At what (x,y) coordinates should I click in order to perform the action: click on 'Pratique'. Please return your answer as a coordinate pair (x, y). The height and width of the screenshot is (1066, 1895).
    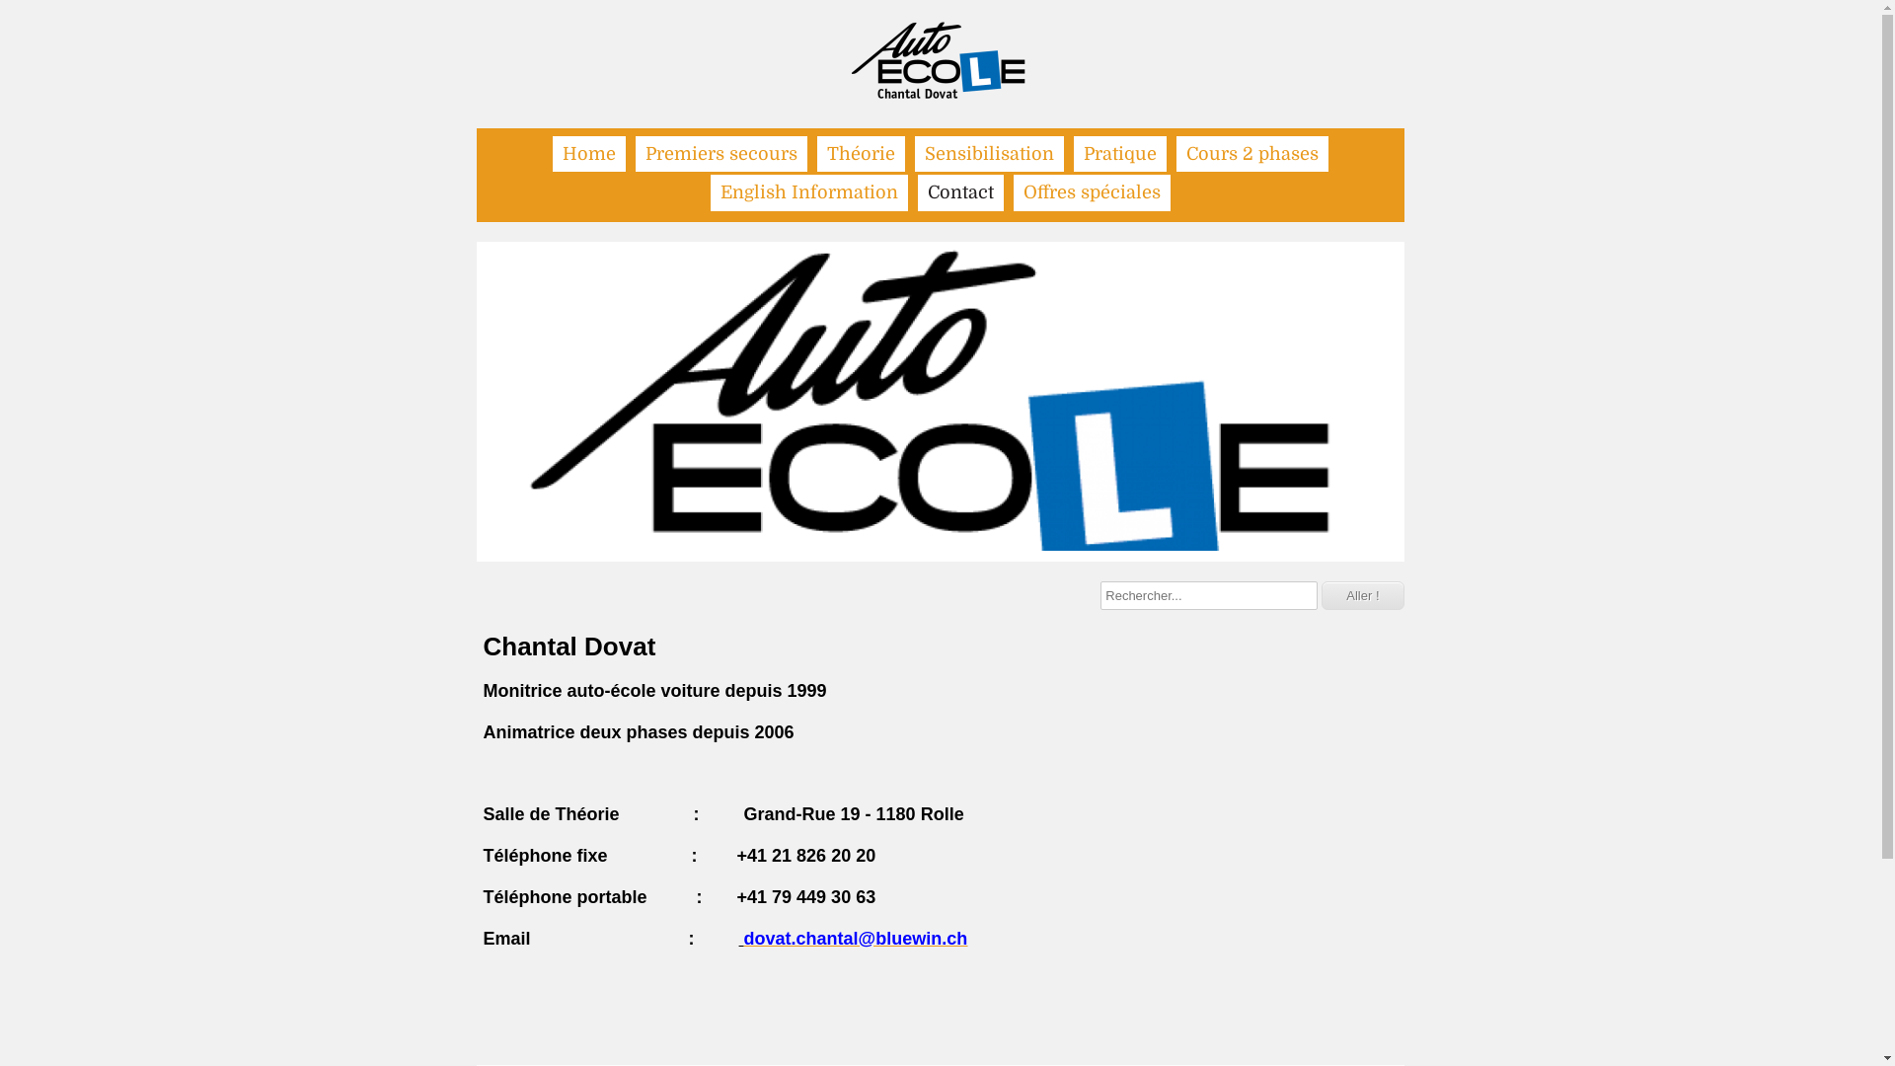
    Looking at the image, I should click on (1073, 152).